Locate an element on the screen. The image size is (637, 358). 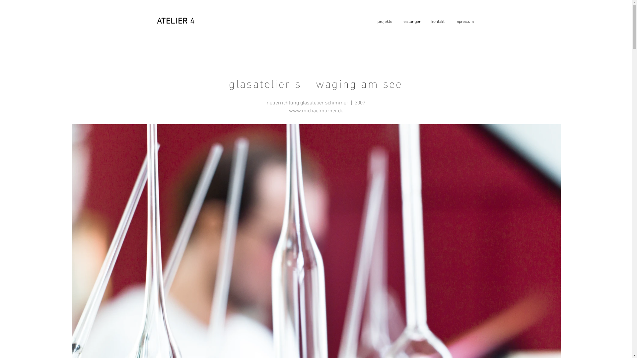
'www.michaelmurner.de' is located at coordinates (315, 109).